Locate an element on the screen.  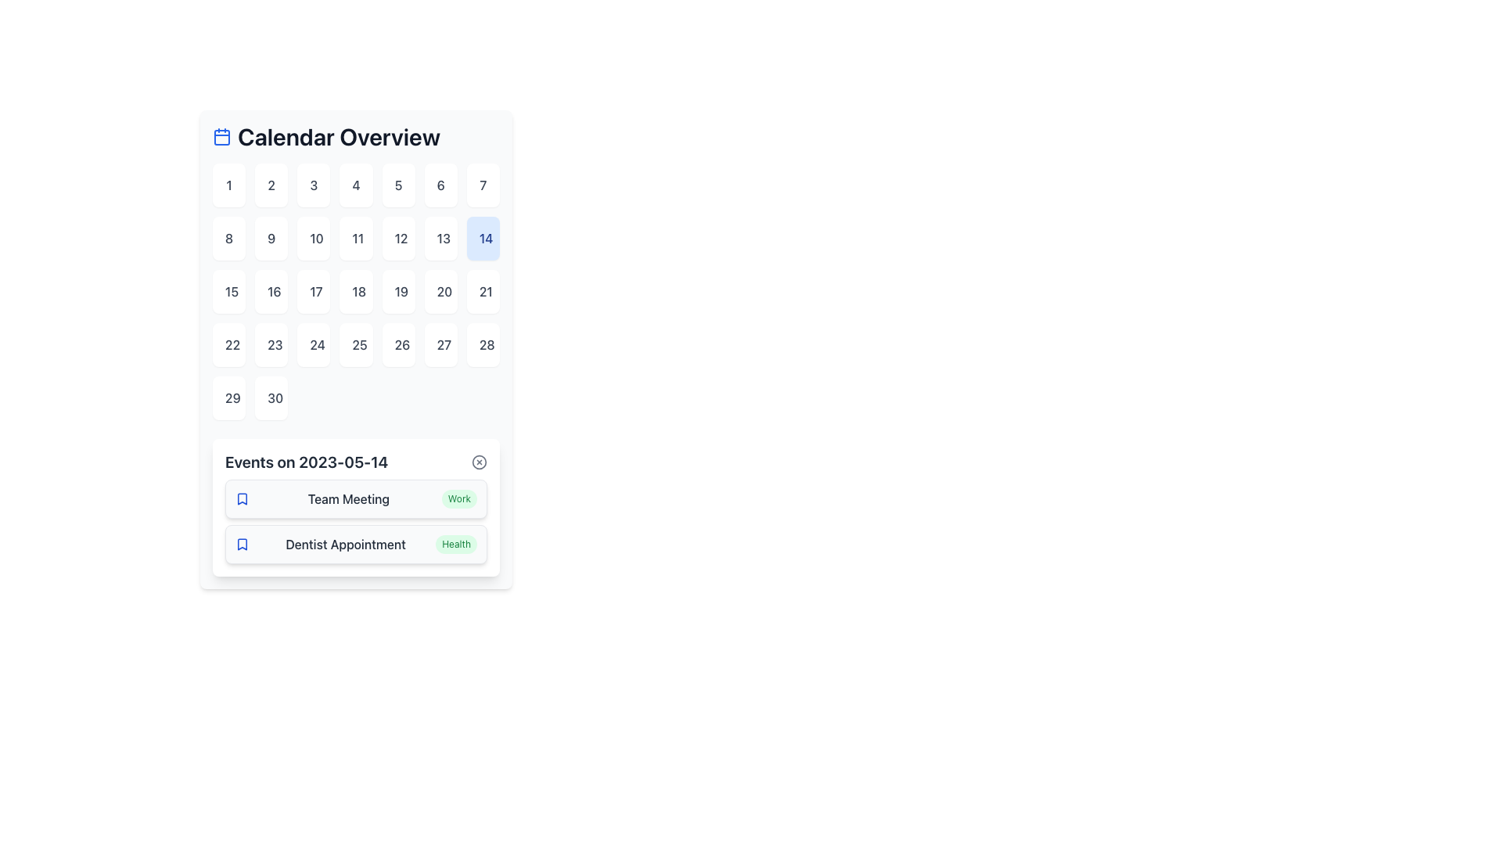
the button displaying the number '18' is located at coordinates (355, 292).